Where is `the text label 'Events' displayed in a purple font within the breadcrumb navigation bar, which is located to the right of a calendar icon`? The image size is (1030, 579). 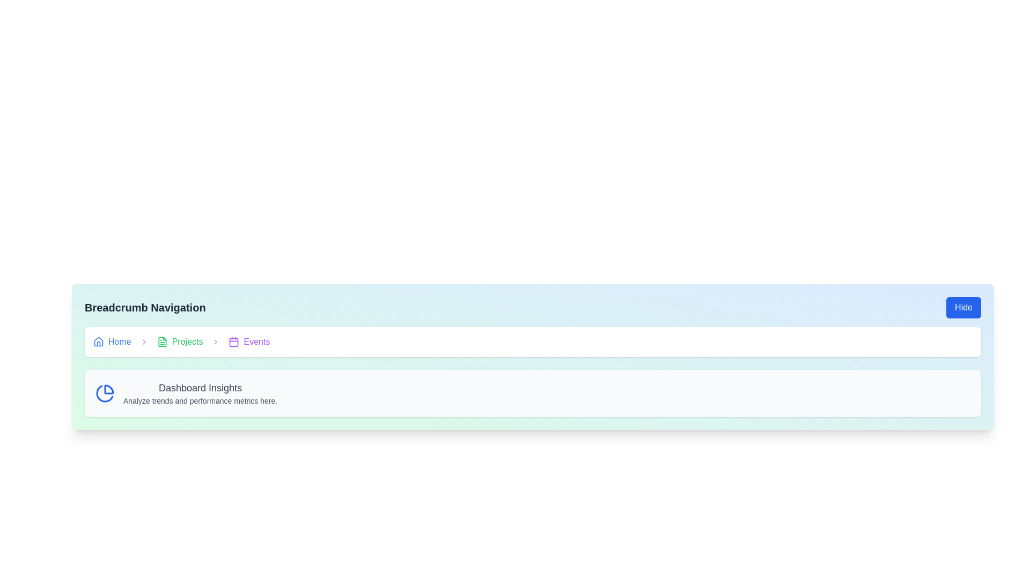
the text label 'Events' displayed in a purple font within the breadcrumb navigation bar, which is located to the right of a calendar icon is located at coordinates (256, 342).